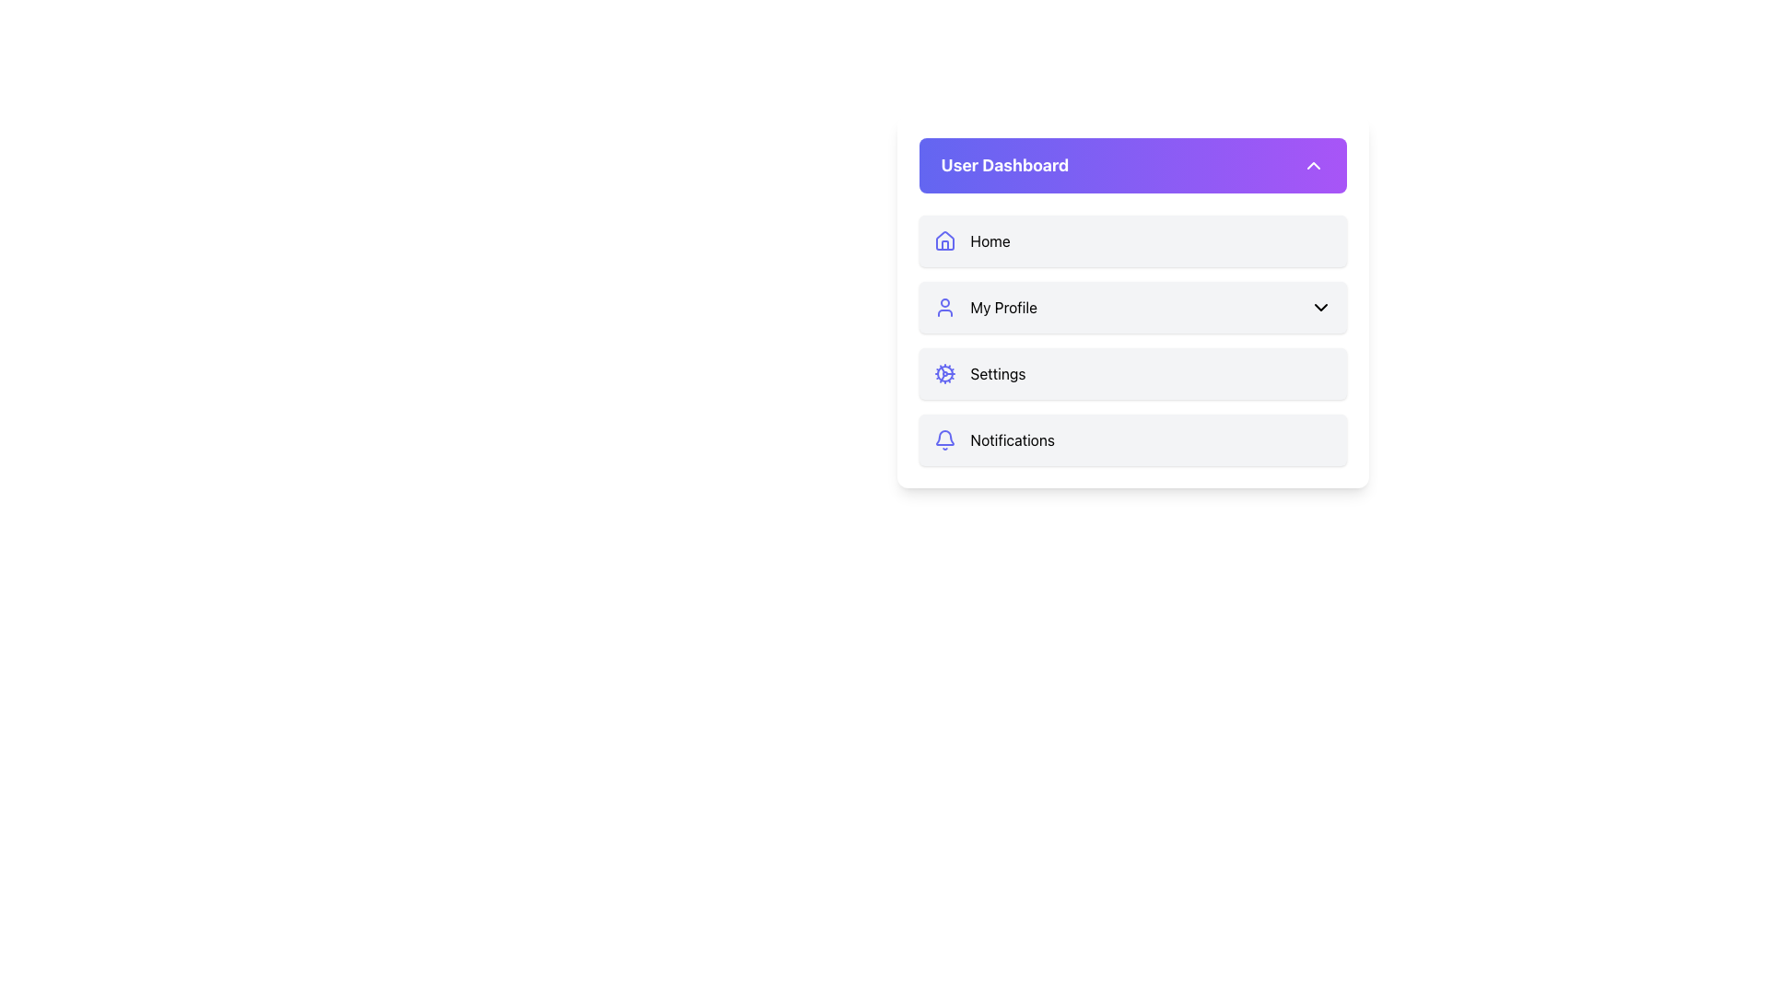 The height and width of the screenshot is (995, 1769). What do you see at coordinates (990, 240) in the screenshot?
I see `the 'Home' text label` at bounding box center [990, 240].